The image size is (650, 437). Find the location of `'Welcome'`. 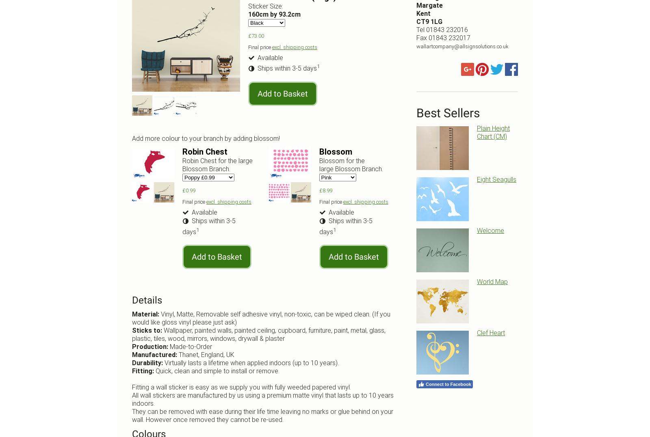

'Welcome' is located at coordinates (490, 230).